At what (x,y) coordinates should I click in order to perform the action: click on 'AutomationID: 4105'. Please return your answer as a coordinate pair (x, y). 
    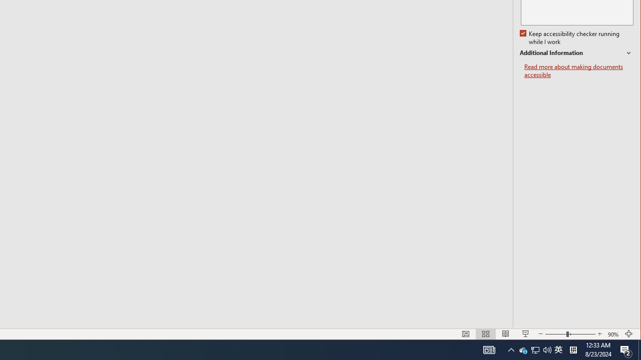
    Looking at the image, I should click on (489, 349).